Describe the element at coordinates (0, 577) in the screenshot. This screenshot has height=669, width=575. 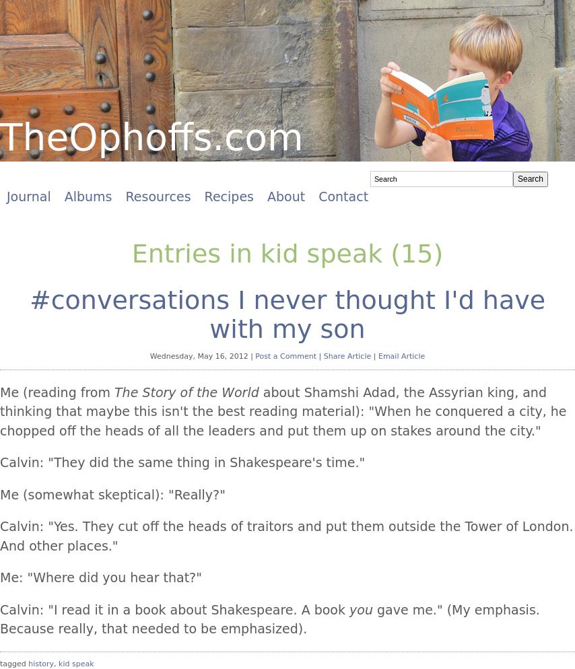
I see `'Me: "Where did you hear that?"'` at that location.